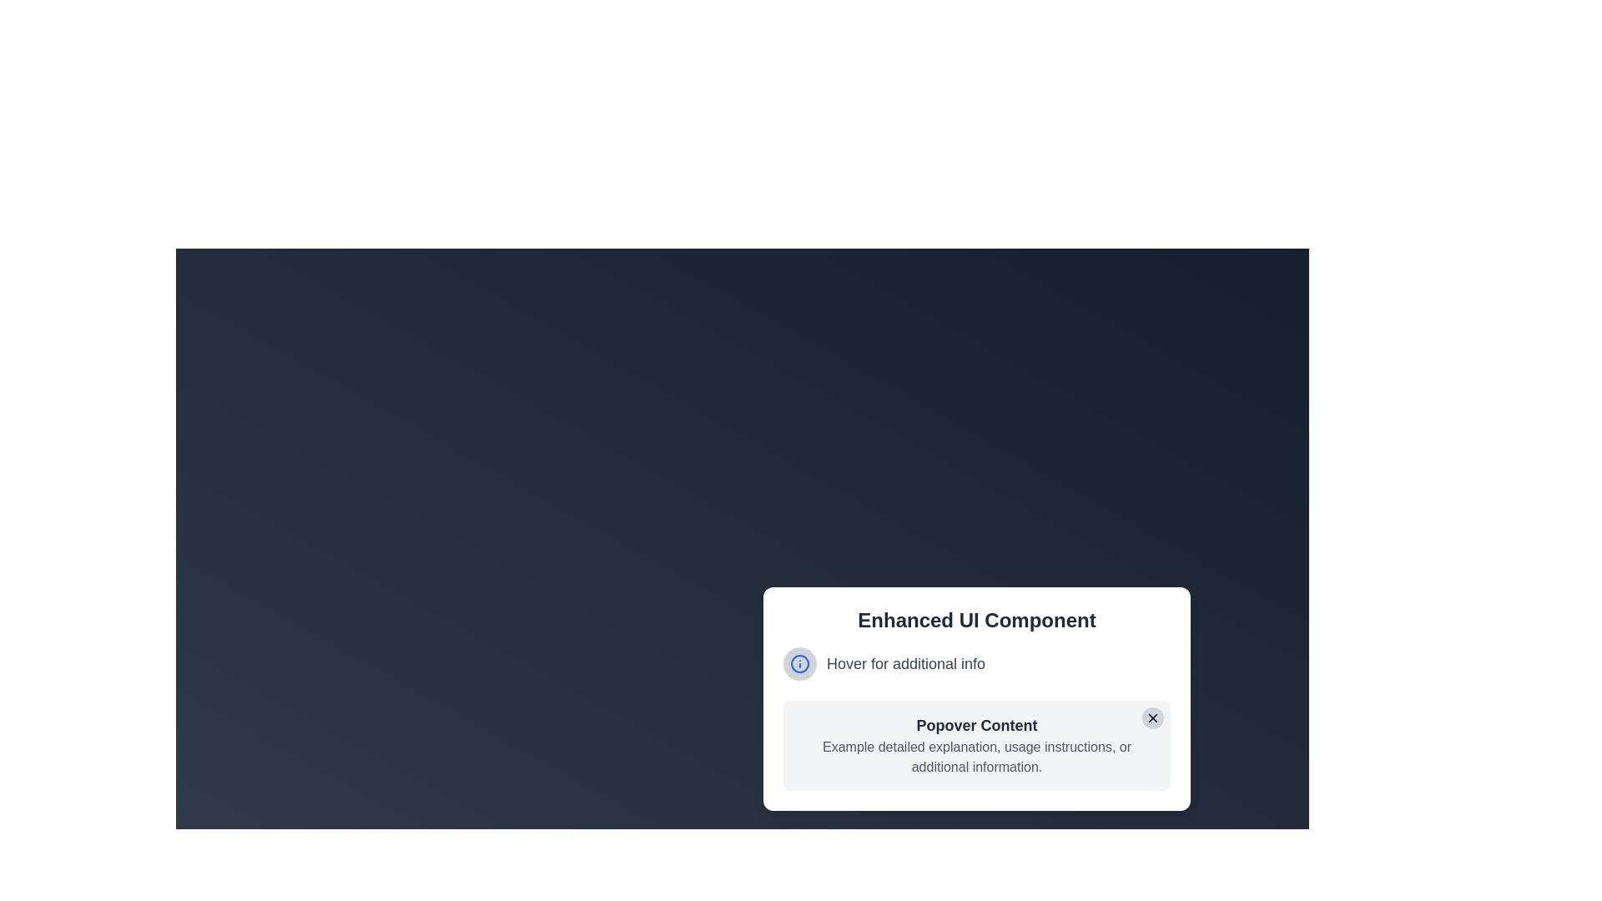 This screenshot has height=901, width=1602. I want to click on the small 'X' icon within the circular grey button in the top-right corner of the popover box, so click(1152, 717).